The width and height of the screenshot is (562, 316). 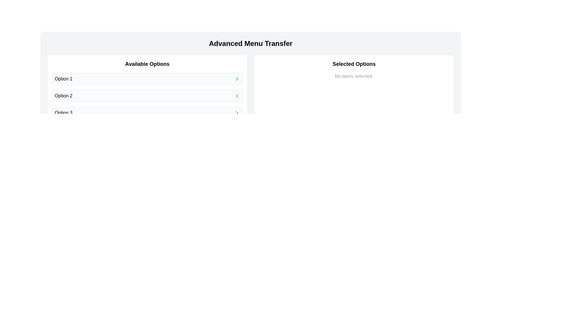 What do you see at coordinates (354, 64) in the screenshot?
I see `the heading element of the 'Selected Options' panel, which is located at the top of the panel, above the text 'No items selected.'` at bounding box center [354, 64].